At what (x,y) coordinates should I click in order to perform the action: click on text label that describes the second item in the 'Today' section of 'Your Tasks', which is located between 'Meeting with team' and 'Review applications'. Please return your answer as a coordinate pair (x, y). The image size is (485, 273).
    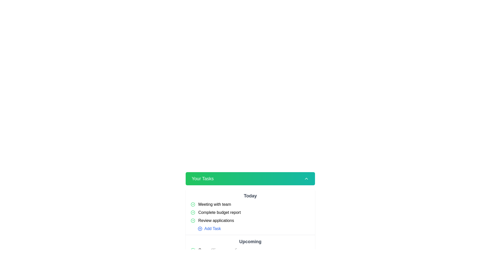
    Looking at the image, I should click on (219, 212).